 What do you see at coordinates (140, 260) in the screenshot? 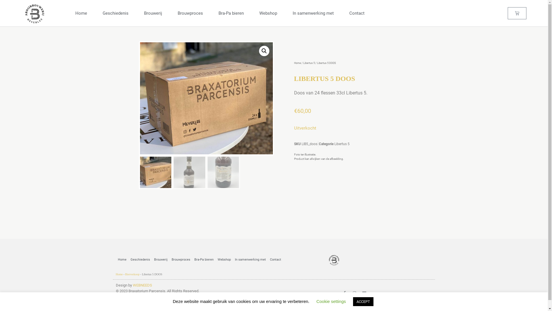
I see `'Geschiedenis'` at bounding box center [140, 260].